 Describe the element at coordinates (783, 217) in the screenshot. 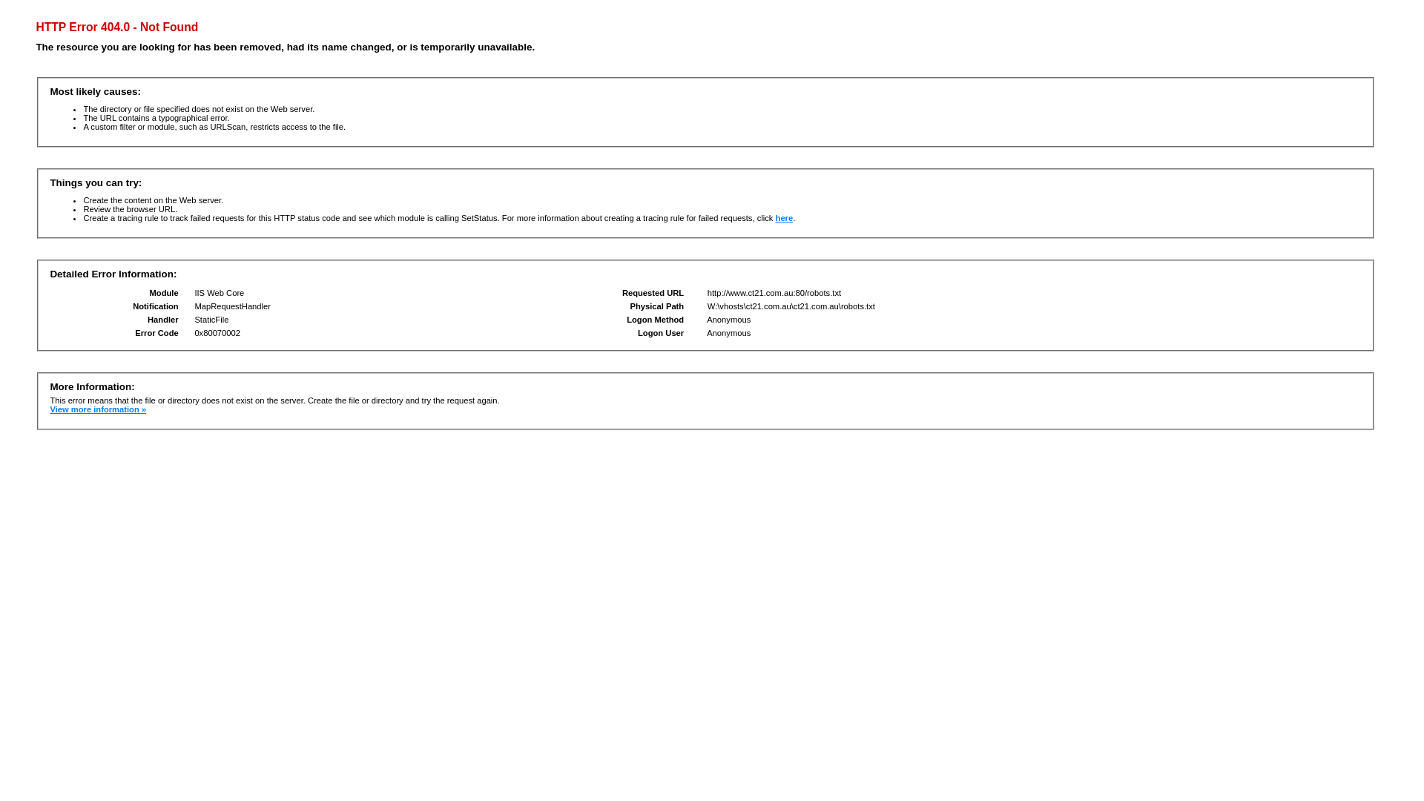

I see `'here'` at that location.